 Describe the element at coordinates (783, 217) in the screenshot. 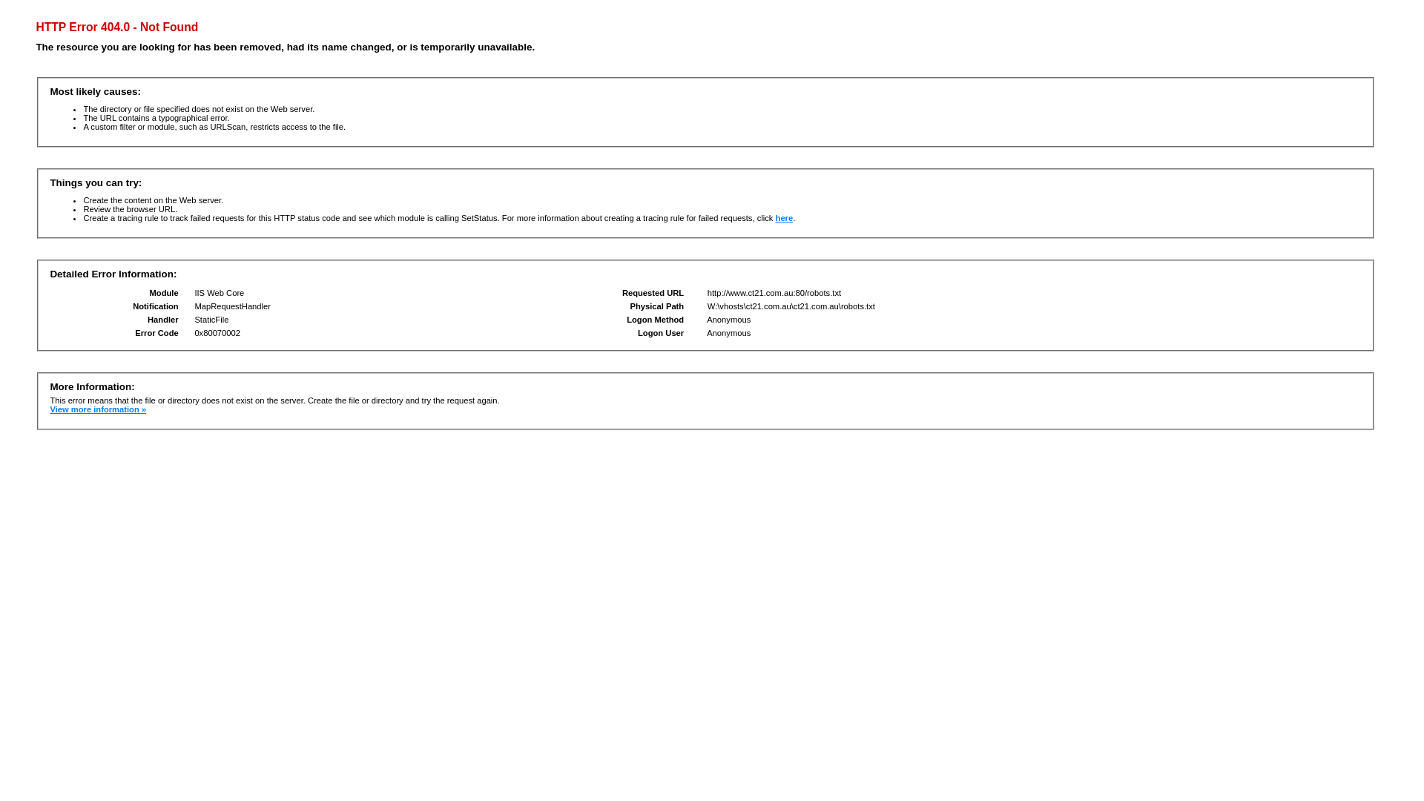

I see `'here'` at that location.